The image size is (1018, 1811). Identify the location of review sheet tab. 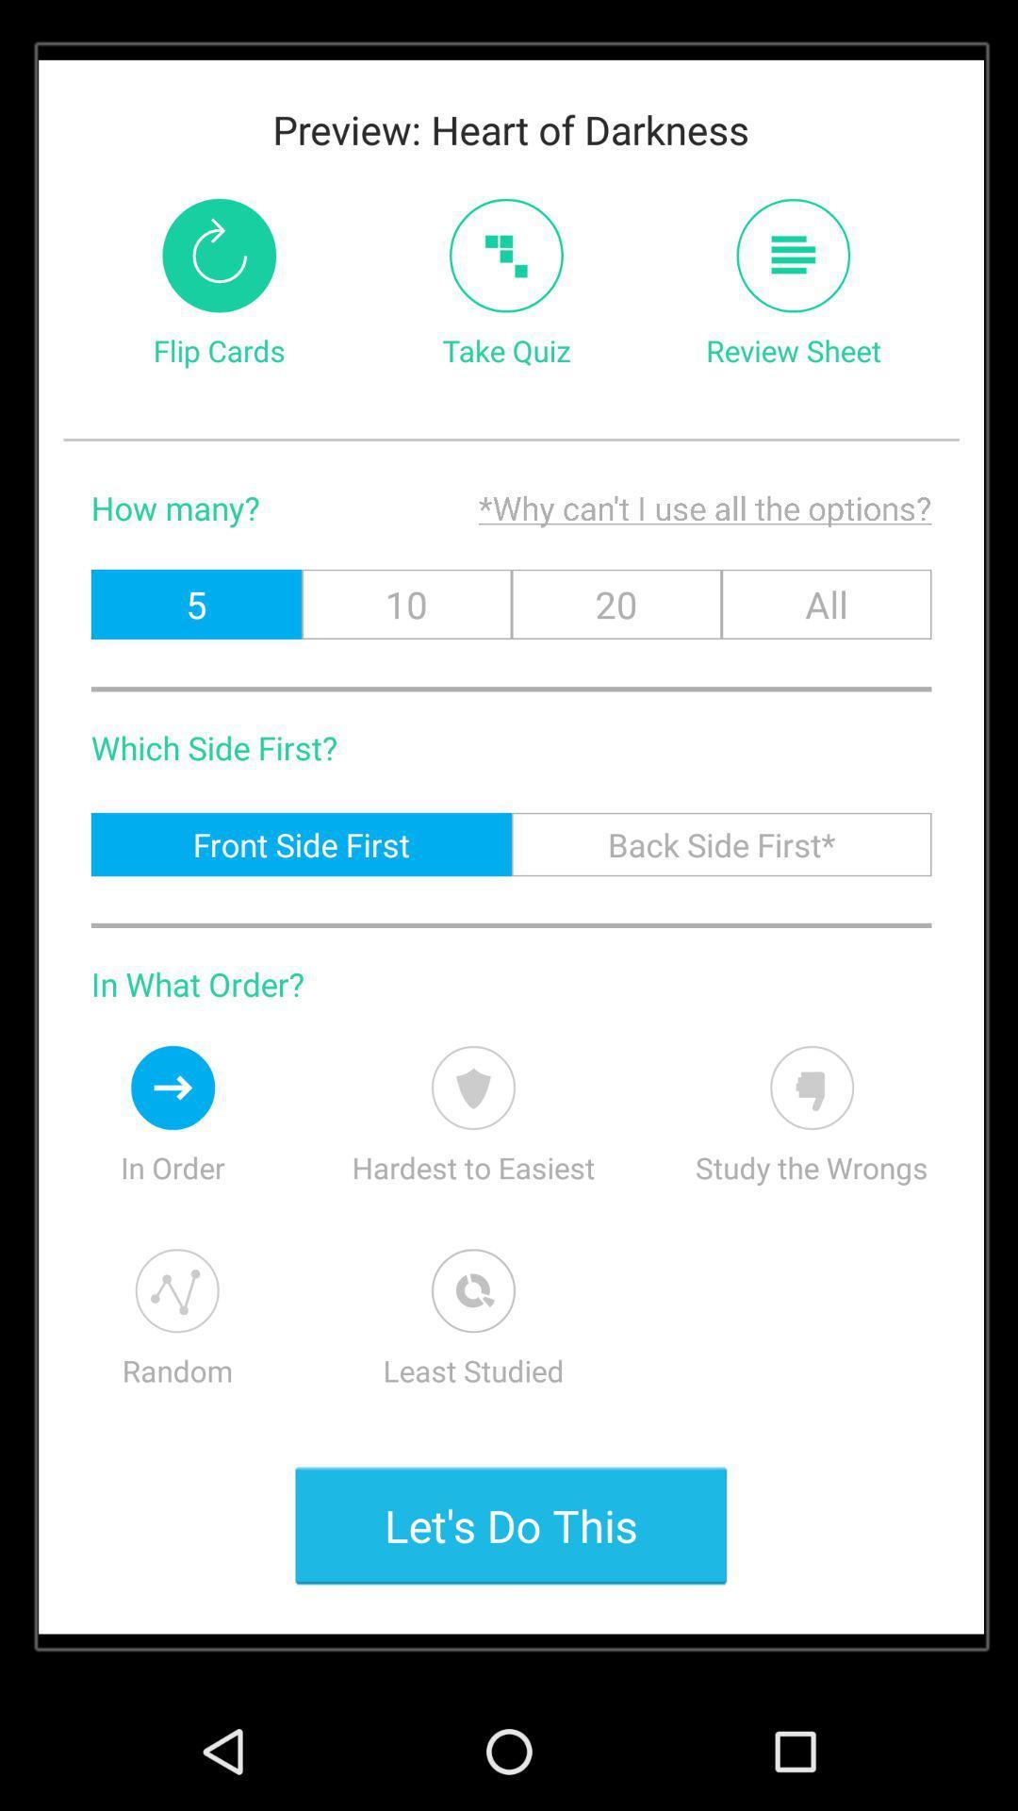
(793, 255).